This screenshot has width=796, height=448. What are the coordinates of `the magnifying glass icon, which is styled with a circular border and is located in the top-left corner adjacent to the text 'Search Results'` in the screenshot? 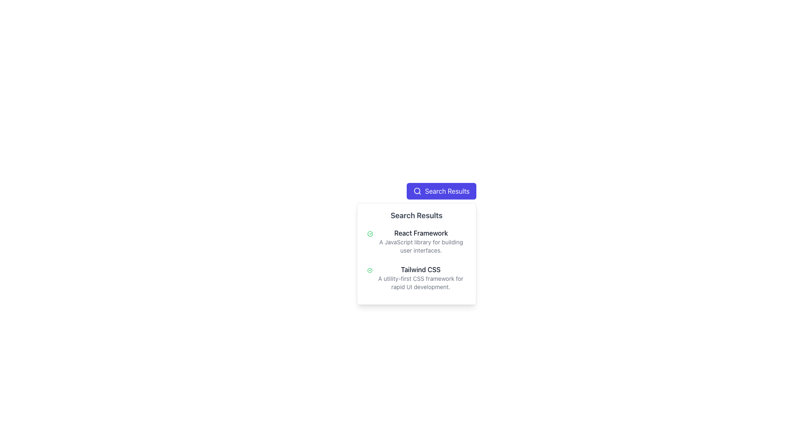 It's located at (417, 191).